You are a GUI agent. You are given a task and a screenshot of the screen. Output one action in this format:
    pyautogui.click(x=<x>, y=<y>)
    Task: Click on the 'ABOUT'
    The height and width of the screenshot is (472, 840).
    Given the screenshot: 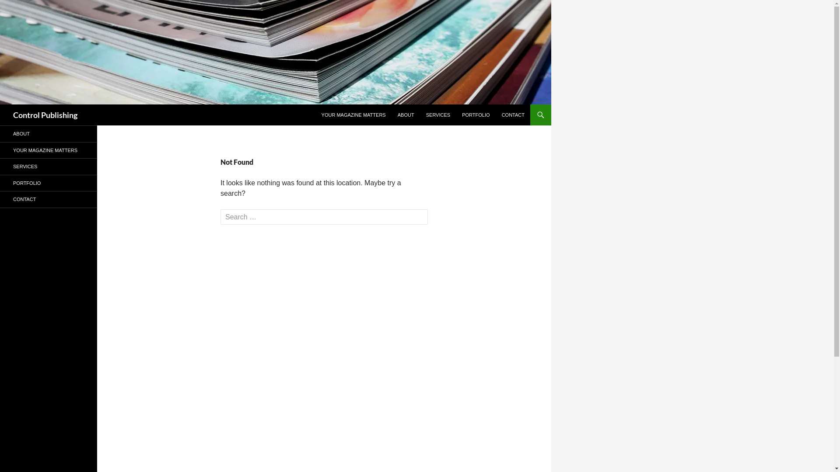 What is the action you would take?
    pyautogui.click(x=48, y=134)
    